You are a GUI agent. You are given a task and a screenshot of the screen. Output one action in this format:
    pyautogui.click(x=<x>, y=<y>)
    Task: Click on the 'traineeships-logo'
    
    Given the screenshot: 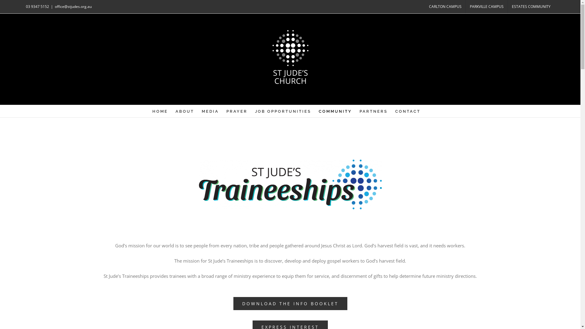 What is the action you would take?
    pyautogui.click(x=289, y=184)
    